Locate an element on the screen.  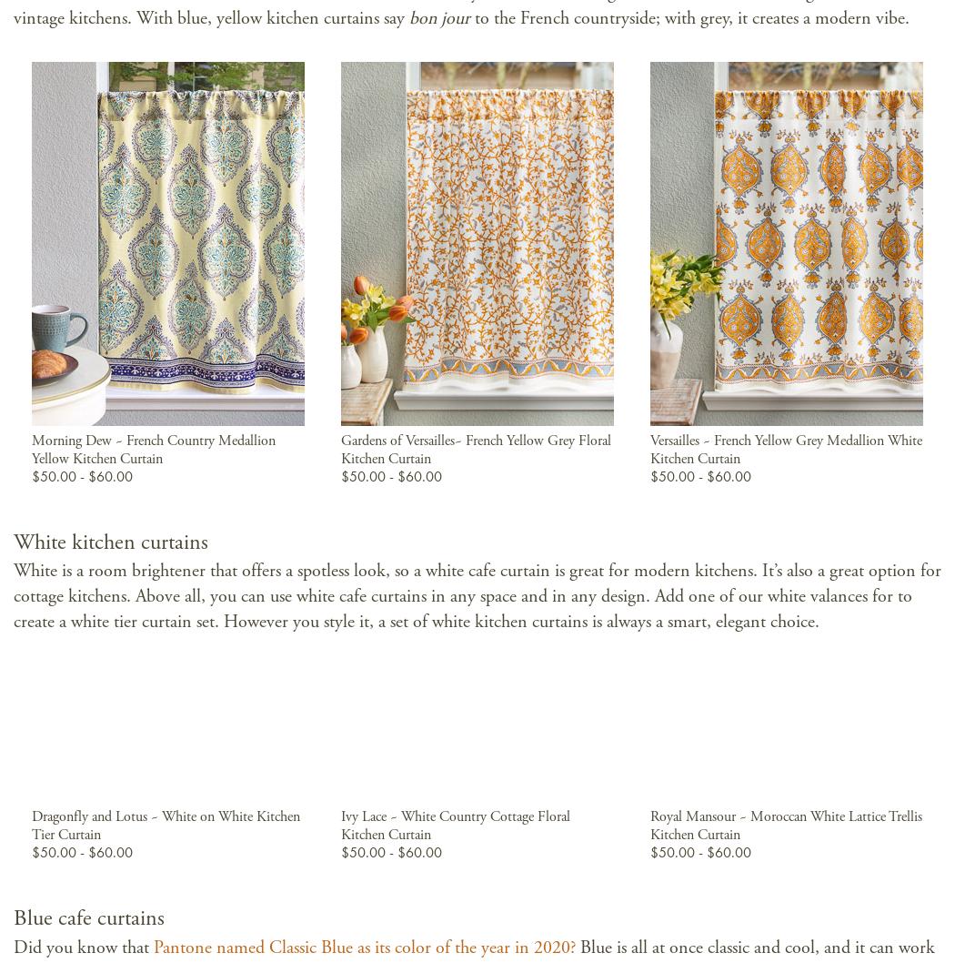
'Royal Mansour ~ Moroccan White Lattice Trellis Kitchen Curtain' is located at coordinates (784, 826).